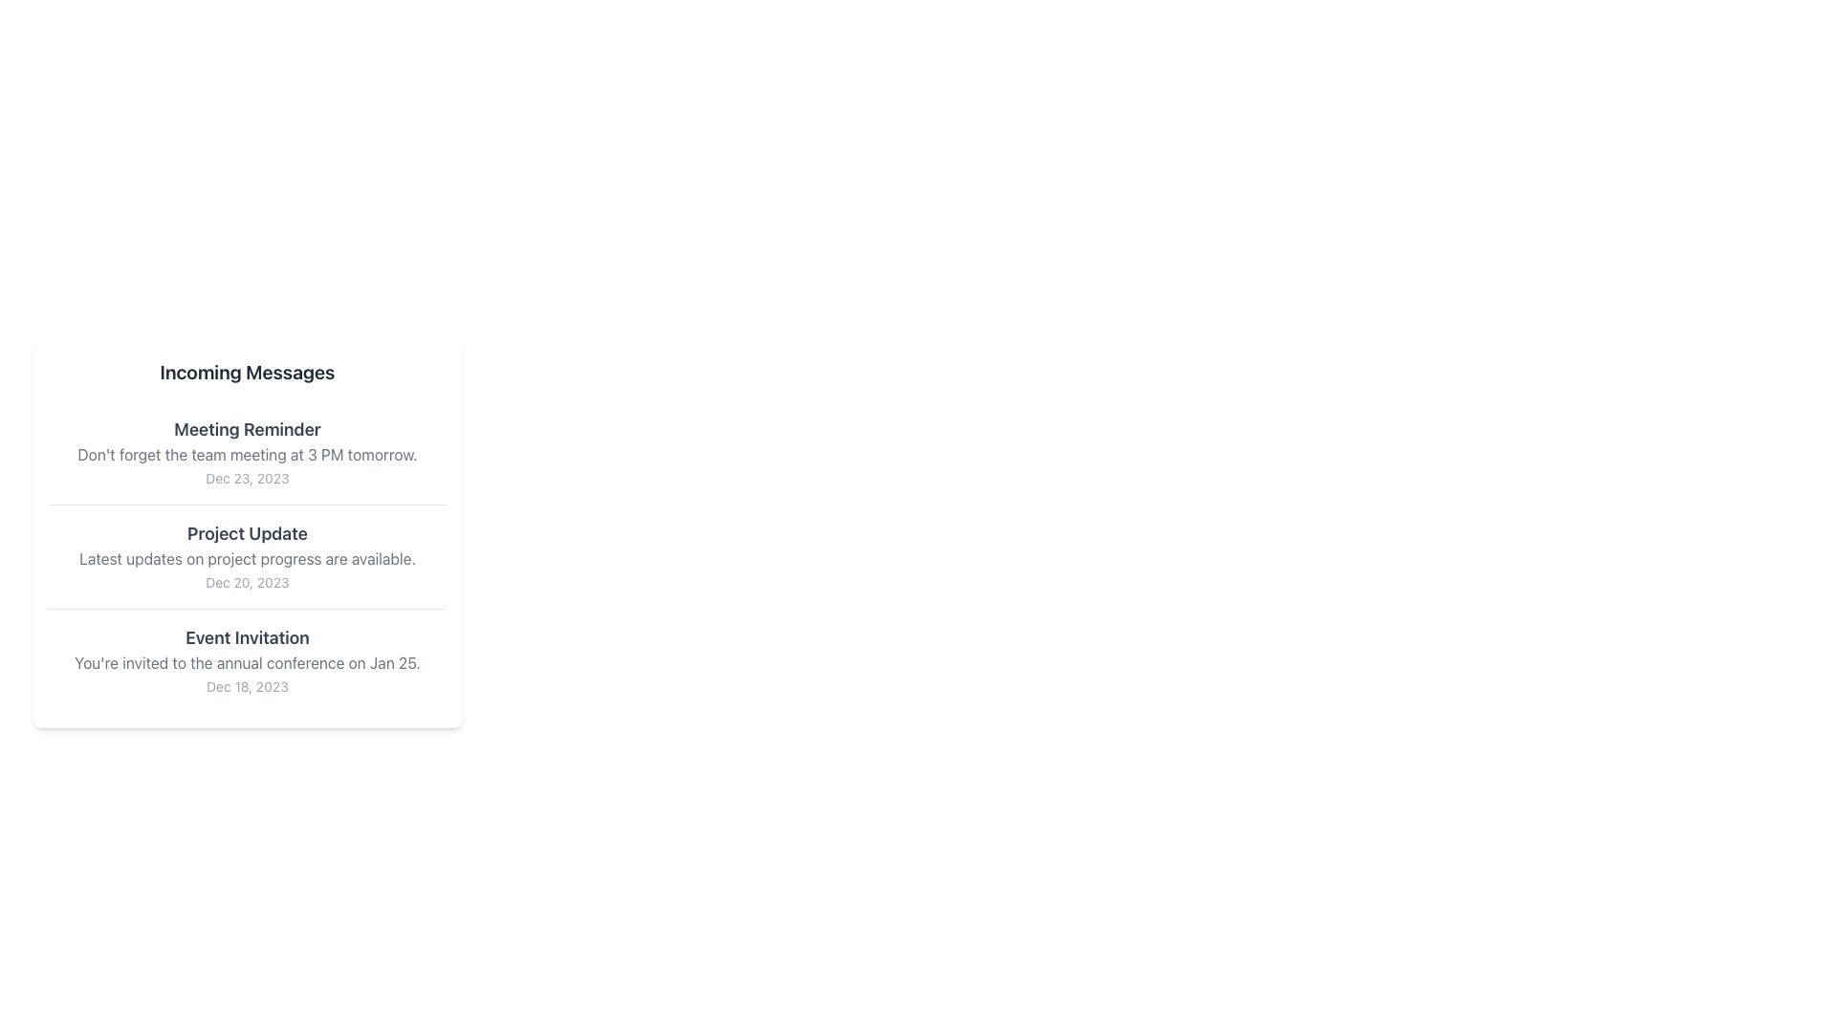  What do you see at coordinates (247, 559) in the screenshot?
I see `informational text that provides a summary update on project progress, located as the second line of content within the 'Project Update' panel` at bounding box center [247, 559].